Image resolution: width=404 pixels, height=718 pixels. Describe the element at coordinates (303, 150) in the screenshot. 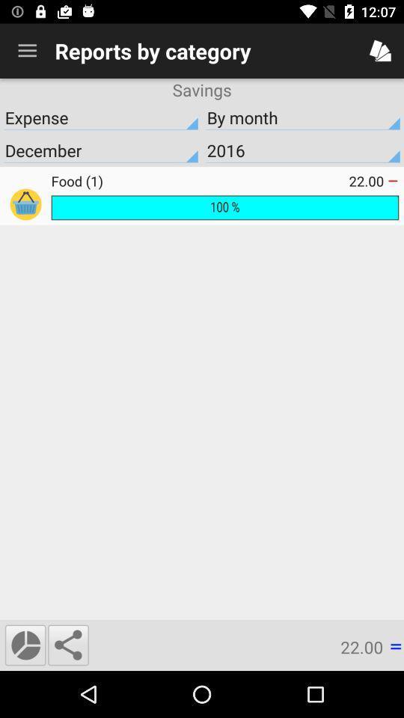

I see `the item below expense` at that location.